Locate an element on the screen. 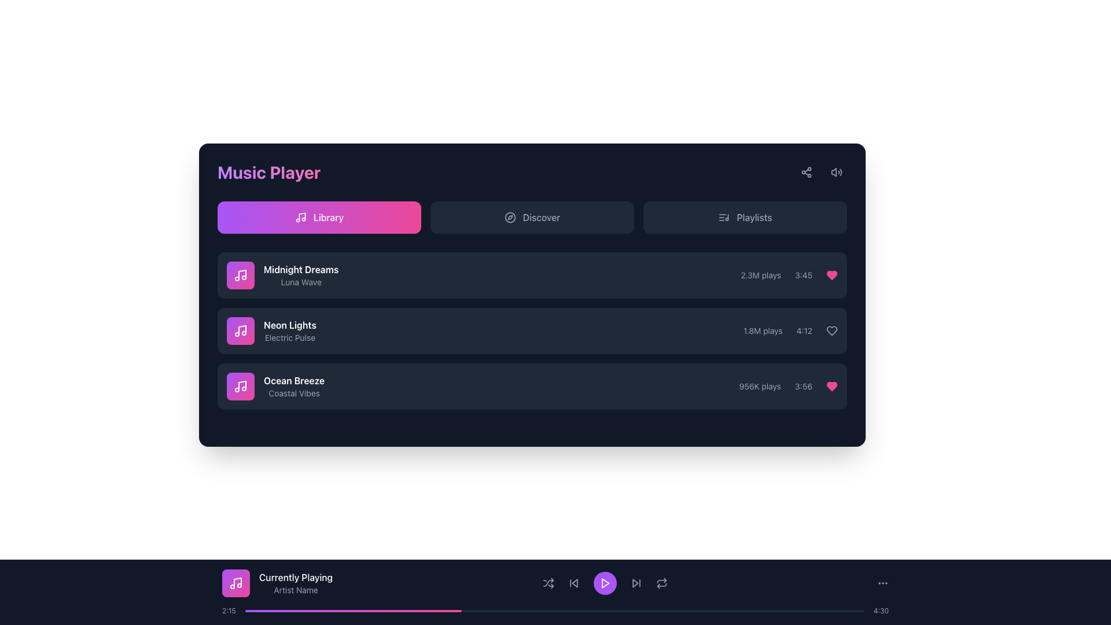  the circular play button icon located in the bottom control bar of the music player interface is located at coordinates (605, 583).